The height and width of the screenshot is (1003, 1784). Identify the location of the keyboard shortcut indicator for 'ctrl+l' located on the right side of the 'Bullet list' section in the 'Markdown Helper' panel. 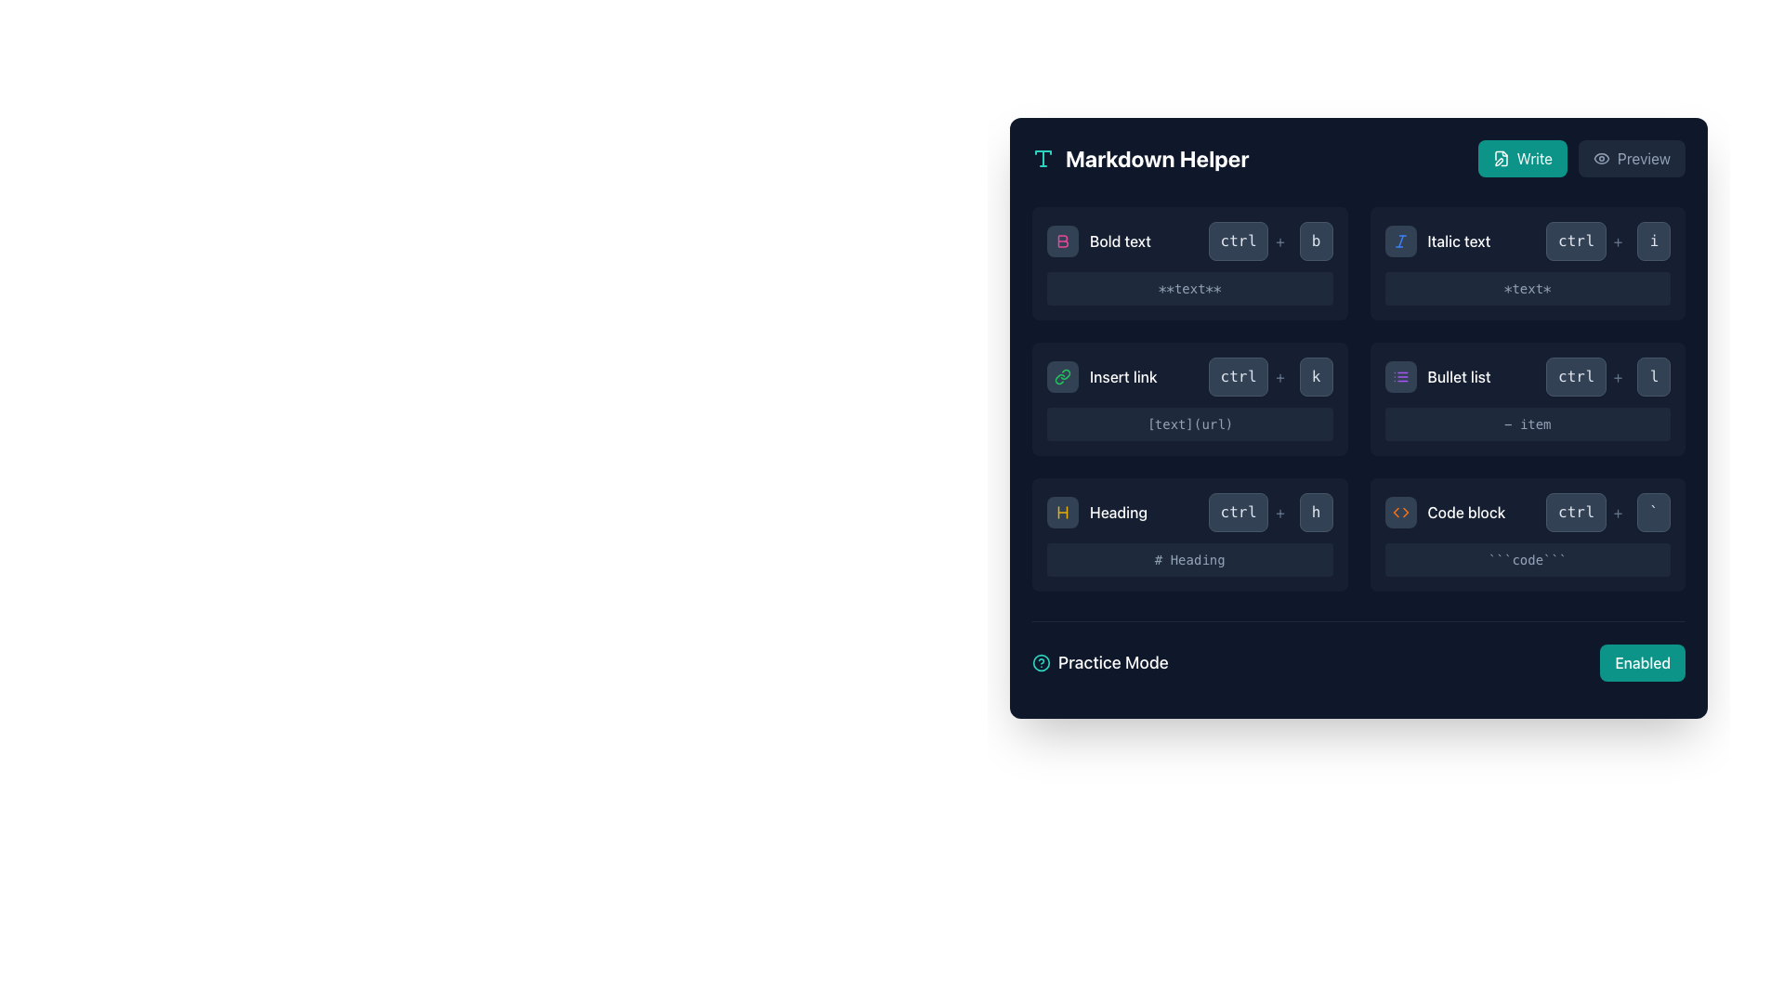
(1607, 376).